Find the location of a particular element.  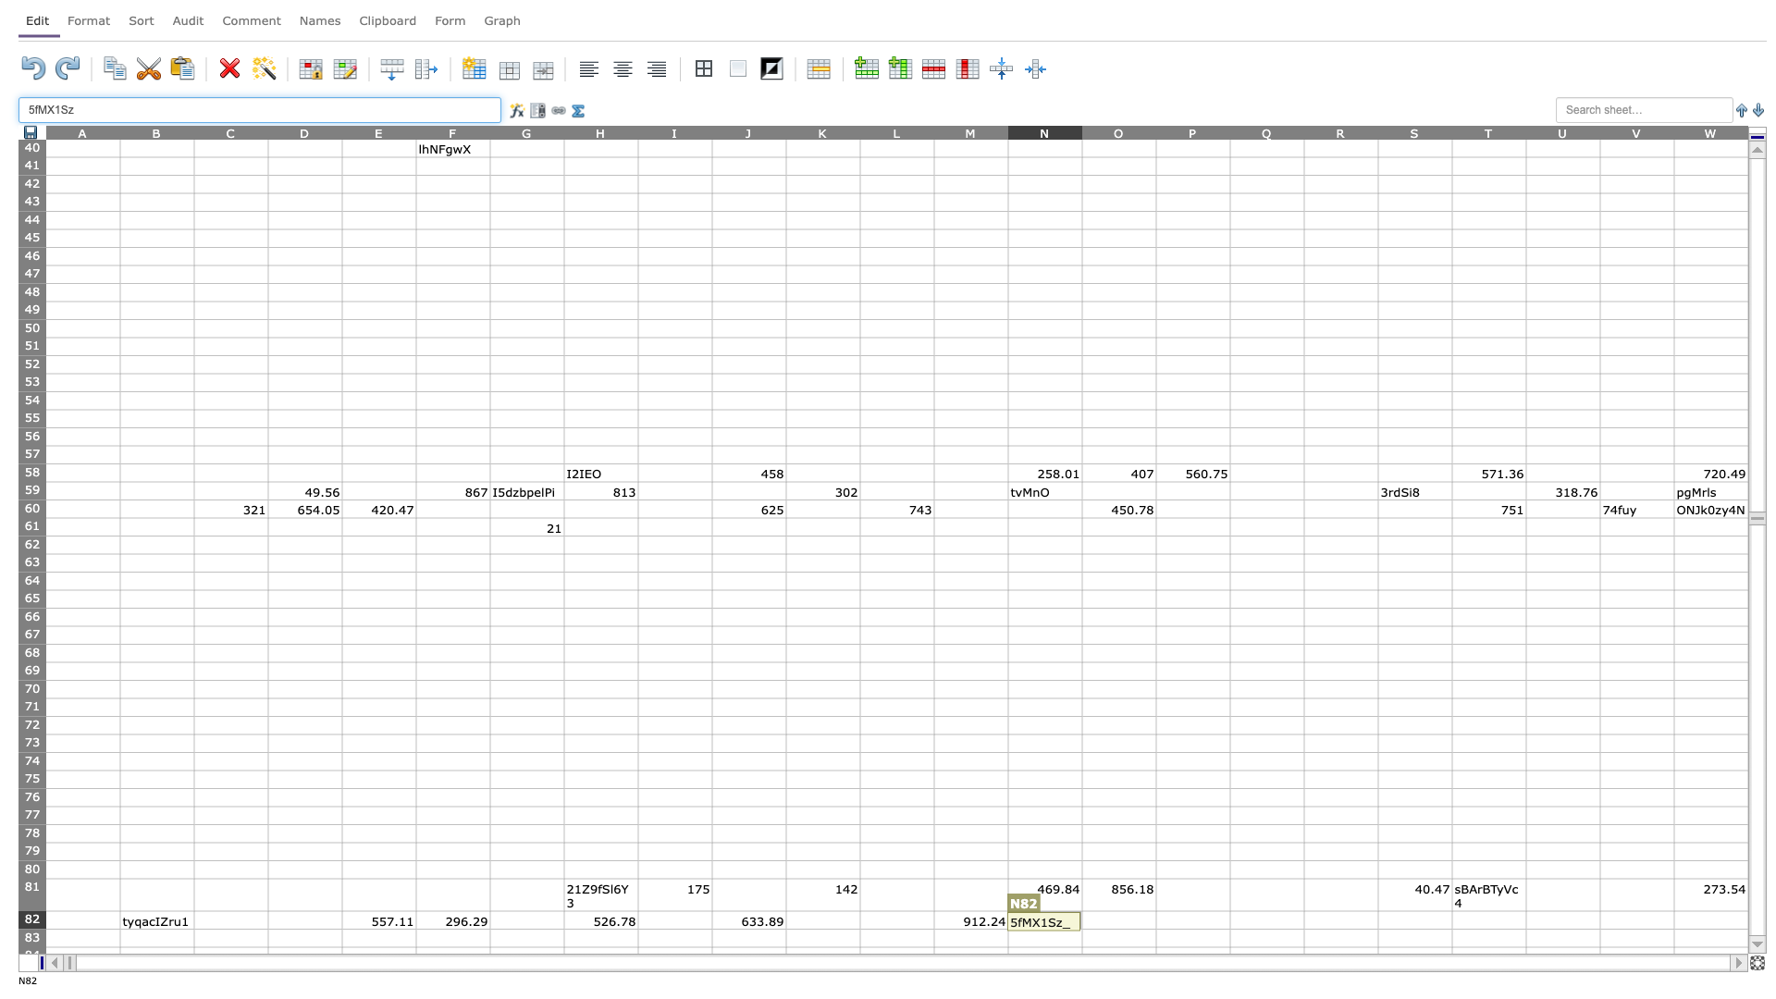

right edge of P82 is located at coordinates (1229, 919).